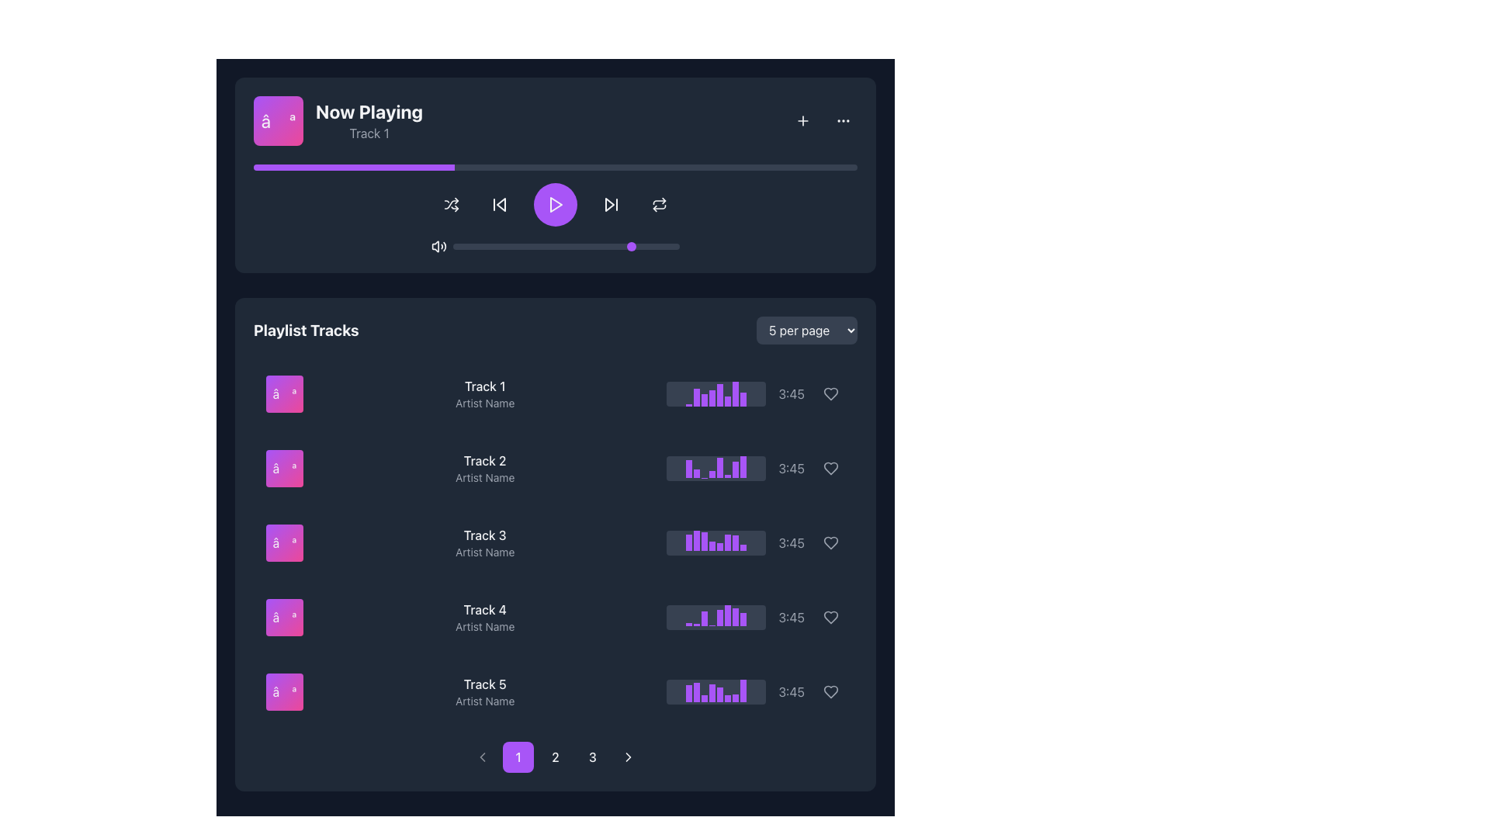 This screenshot has height=838, width=1490. What do you see at coordinates (555, 175) in the screenshot?
I see `the play button in the Now-Playing Section` at bounding box center [555, 175].